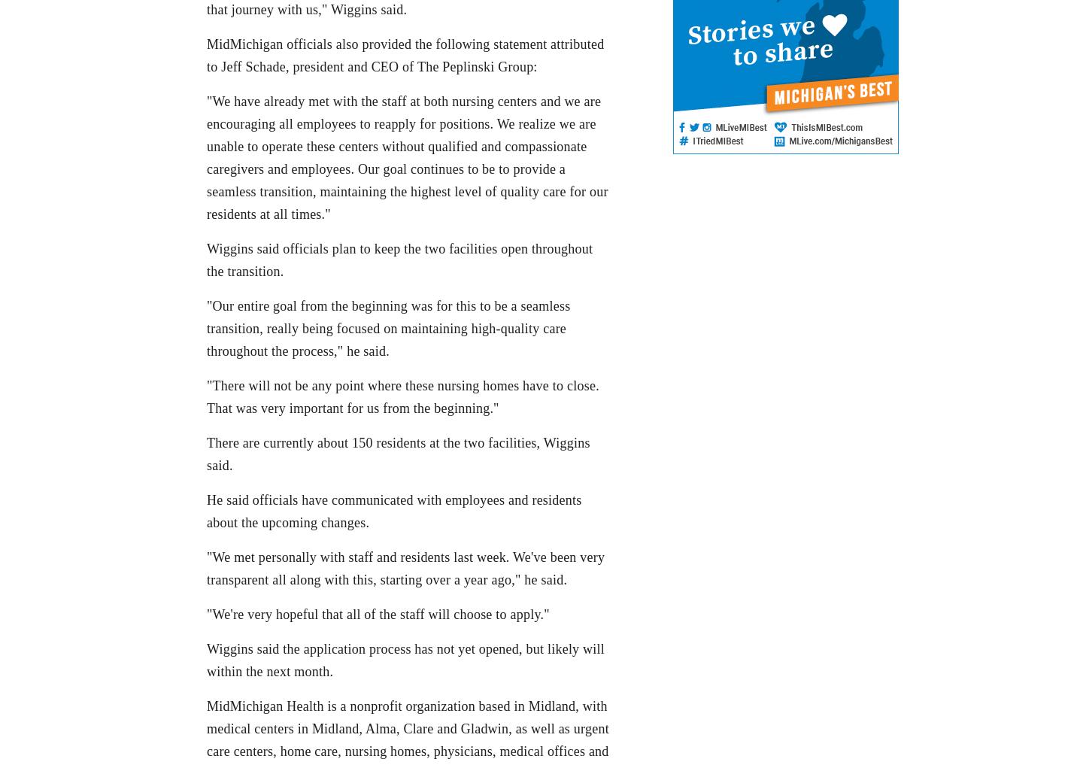  What do you see at coordinates (377, 613) in the screenshot?
I see `'"We're very hopeful that all of the staff will choose to apply."'` at bounding box center [377, 613].